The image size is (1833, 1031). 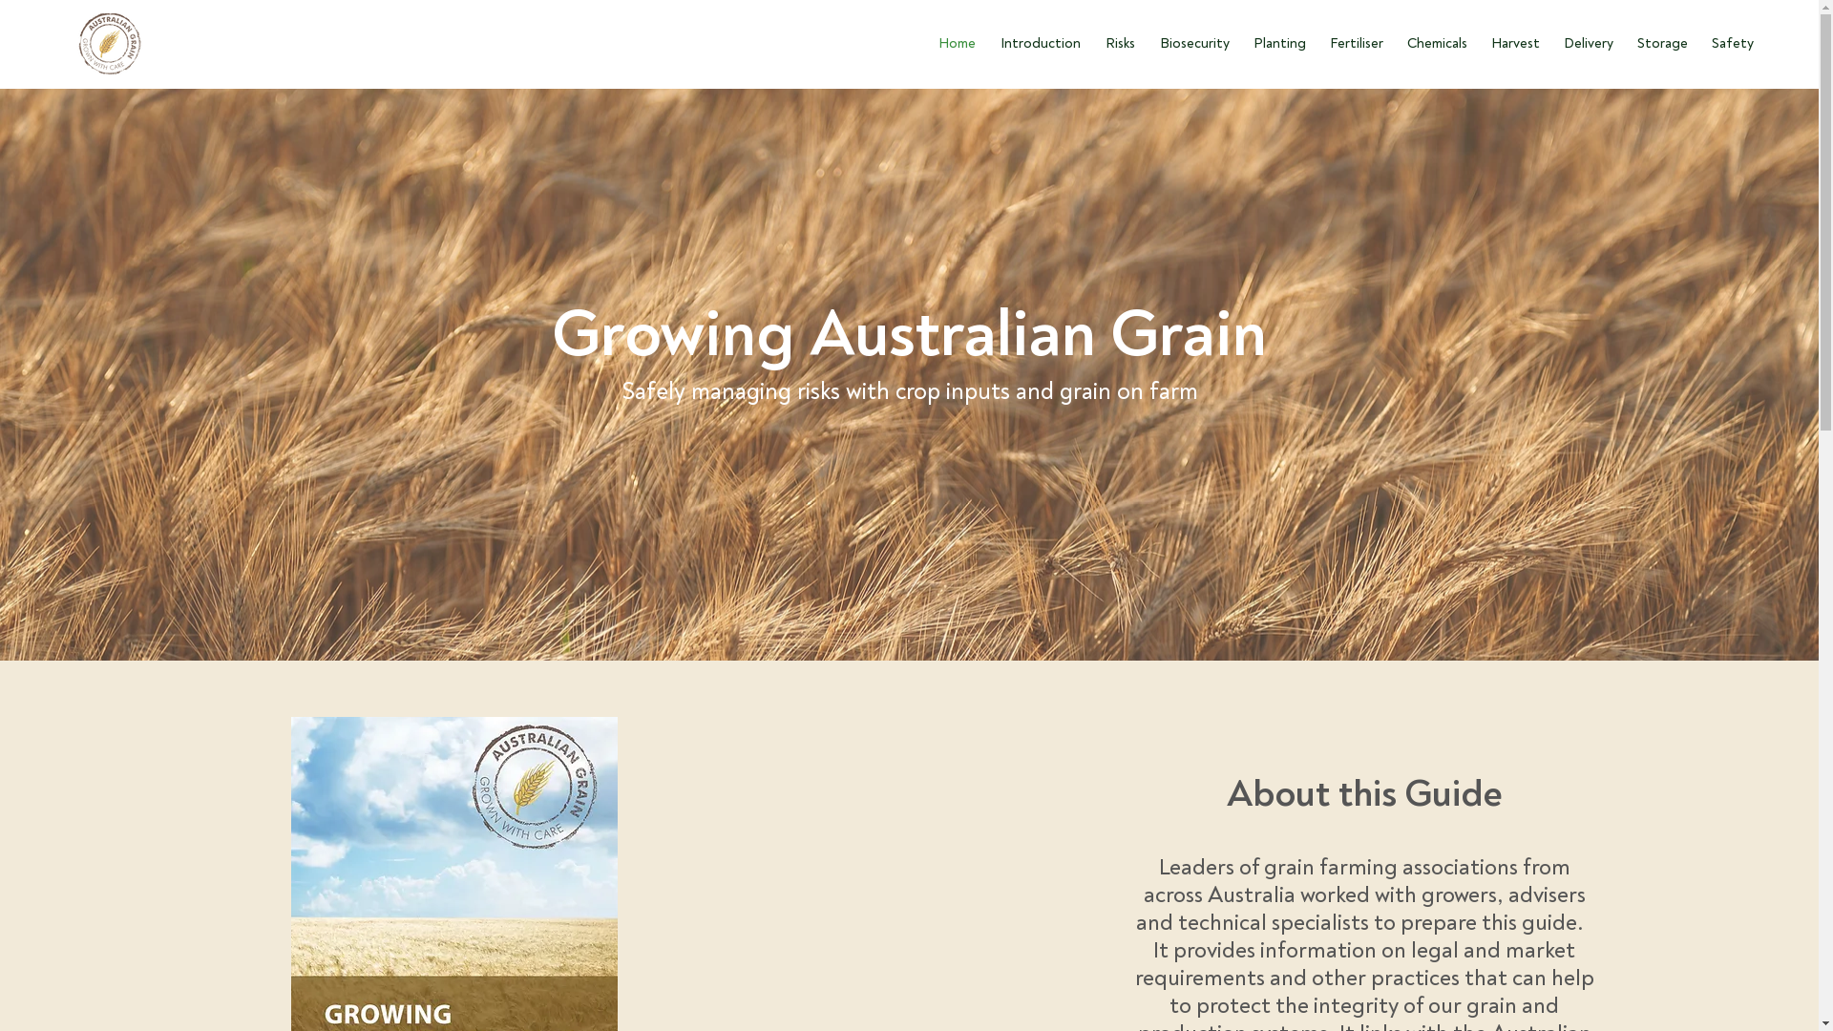 I want to click on 'Storage', so click(x=1658, y=43).